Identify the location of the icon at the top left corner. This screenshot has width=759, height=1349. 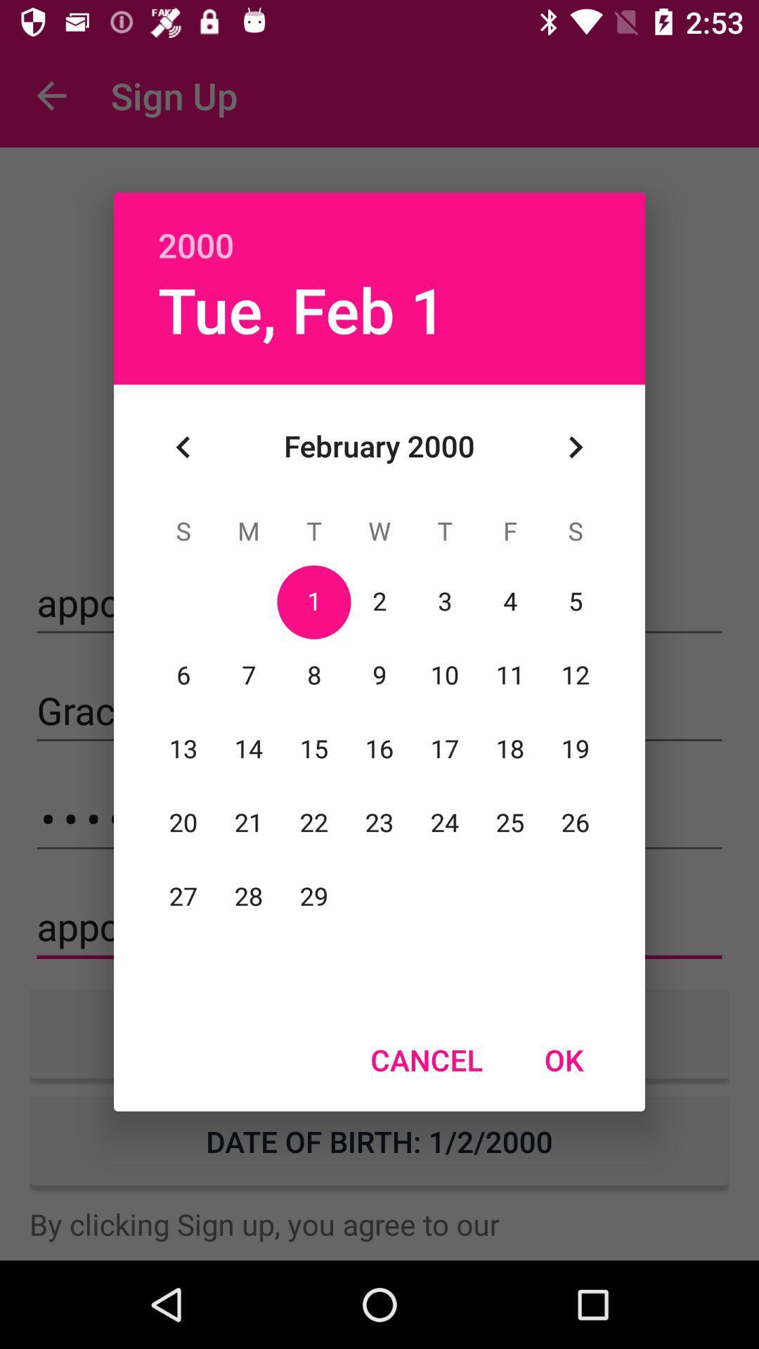
(183, 446).